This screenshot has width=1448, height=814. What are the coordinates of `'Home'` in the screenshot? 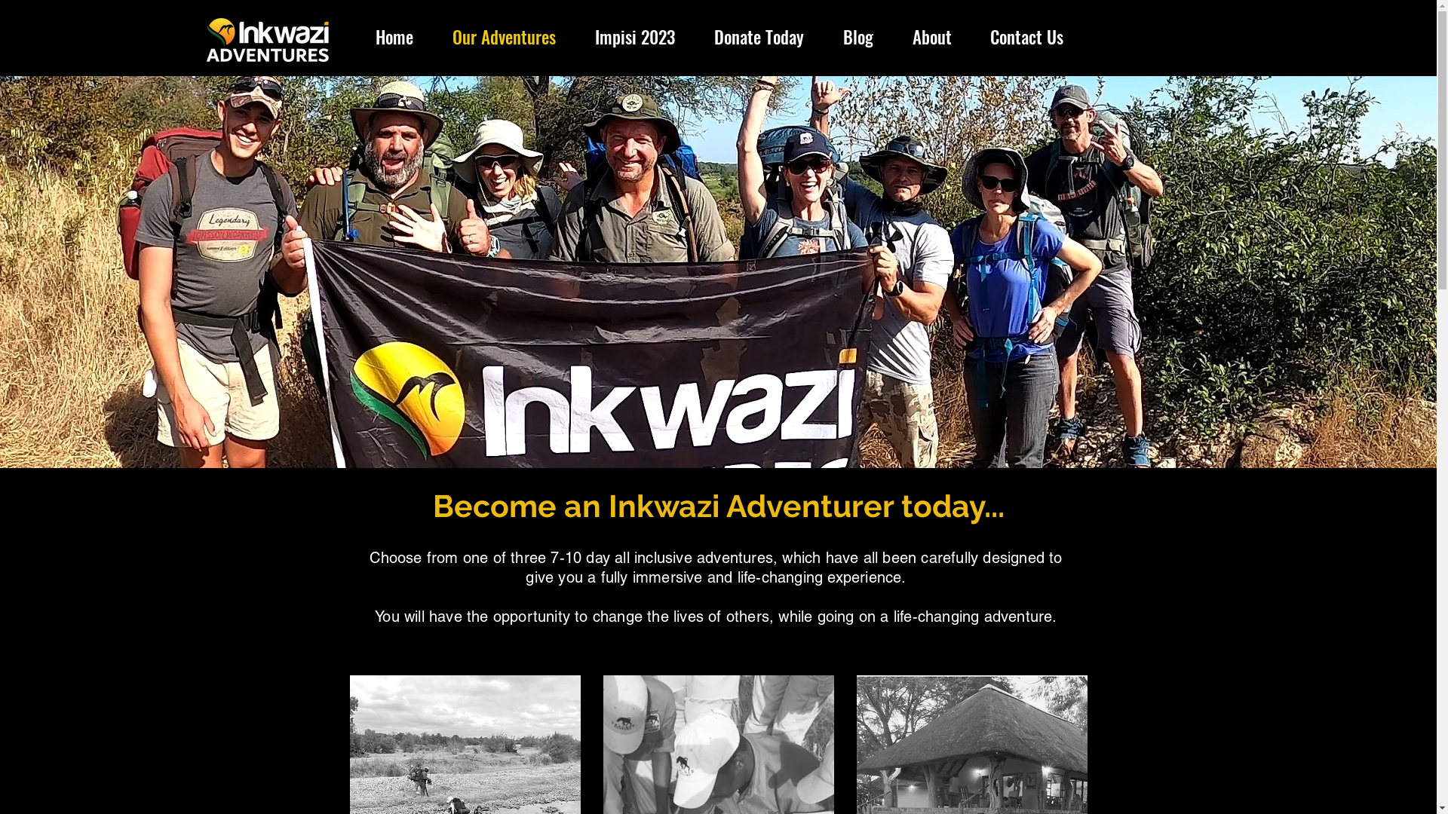 It's located at (394, 36).